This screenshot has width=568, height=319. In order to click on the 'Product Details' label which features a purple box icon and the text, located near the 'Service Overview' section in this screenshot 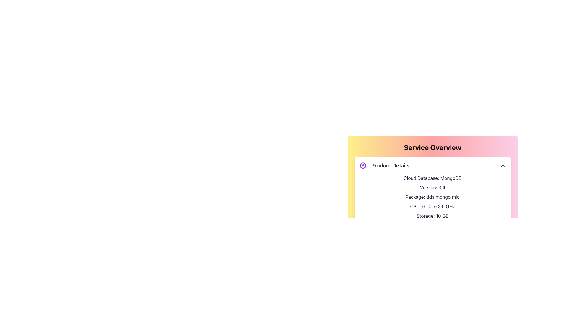, I will do `click(384, 165)`.